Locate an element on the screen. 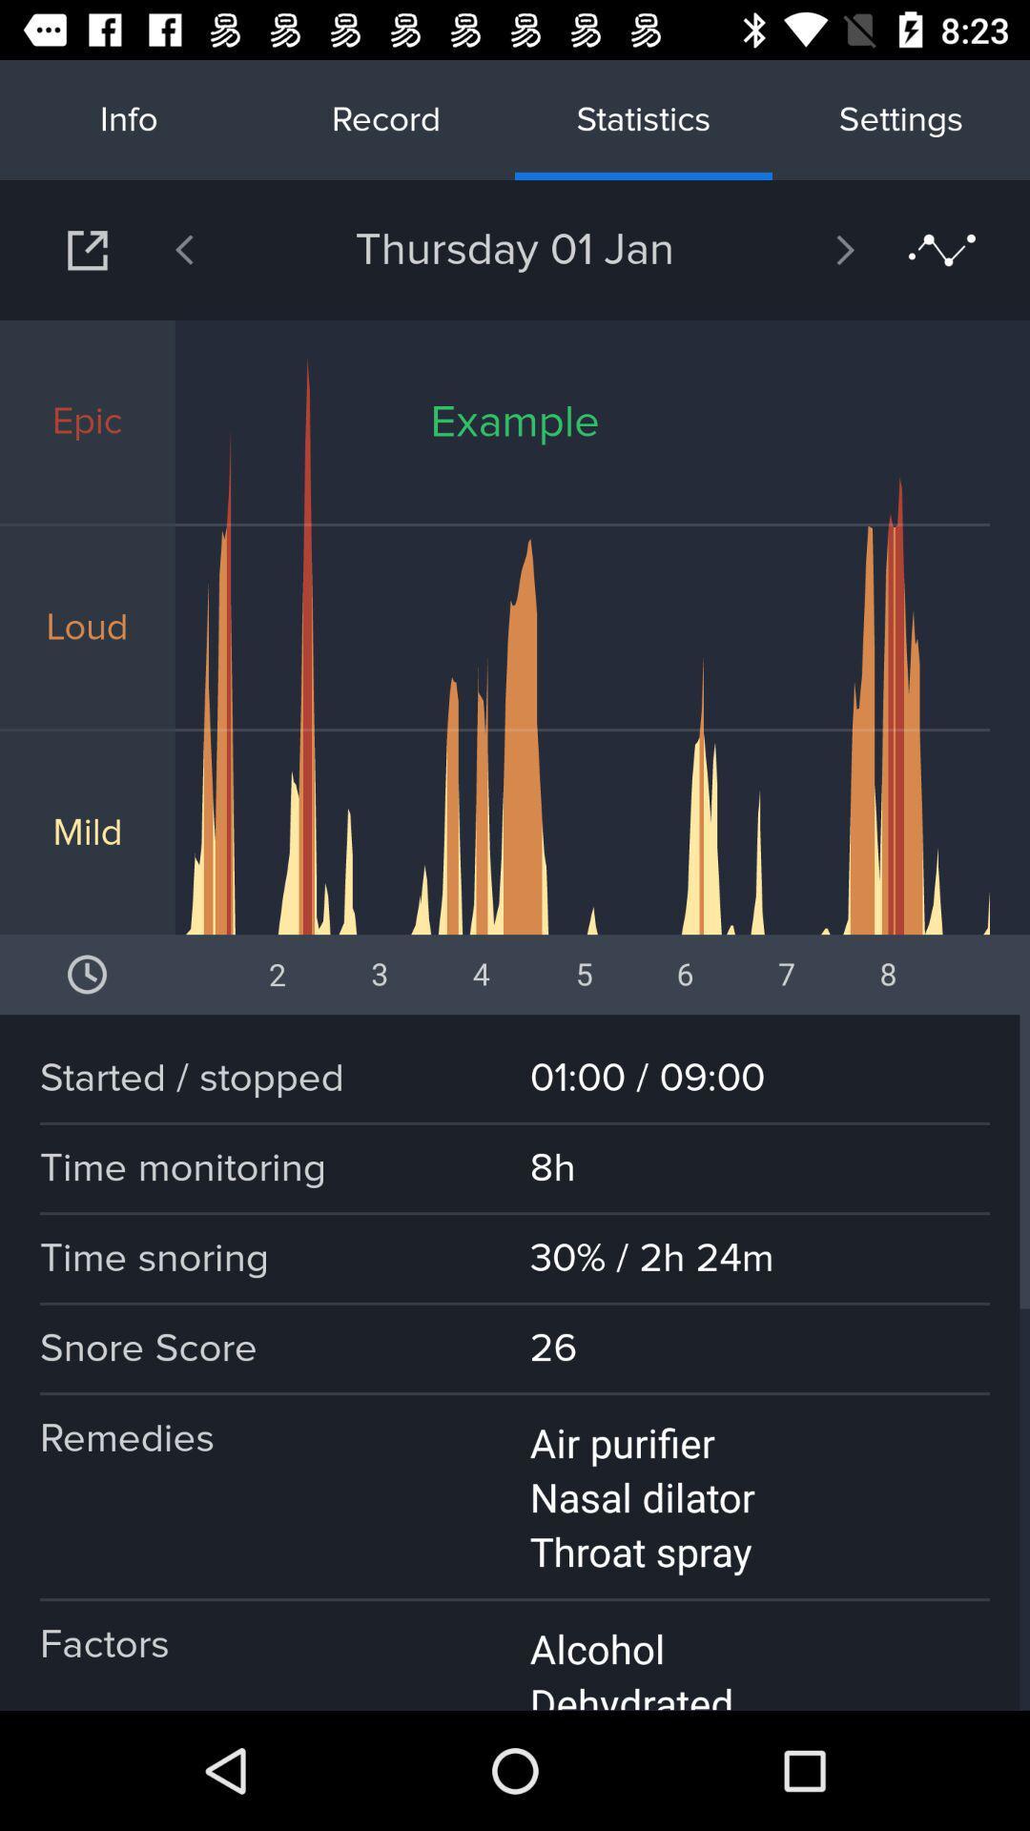 Image resolution: width=1030 pixels, height=1831 pixels. next is located at coordinates (87, 249).